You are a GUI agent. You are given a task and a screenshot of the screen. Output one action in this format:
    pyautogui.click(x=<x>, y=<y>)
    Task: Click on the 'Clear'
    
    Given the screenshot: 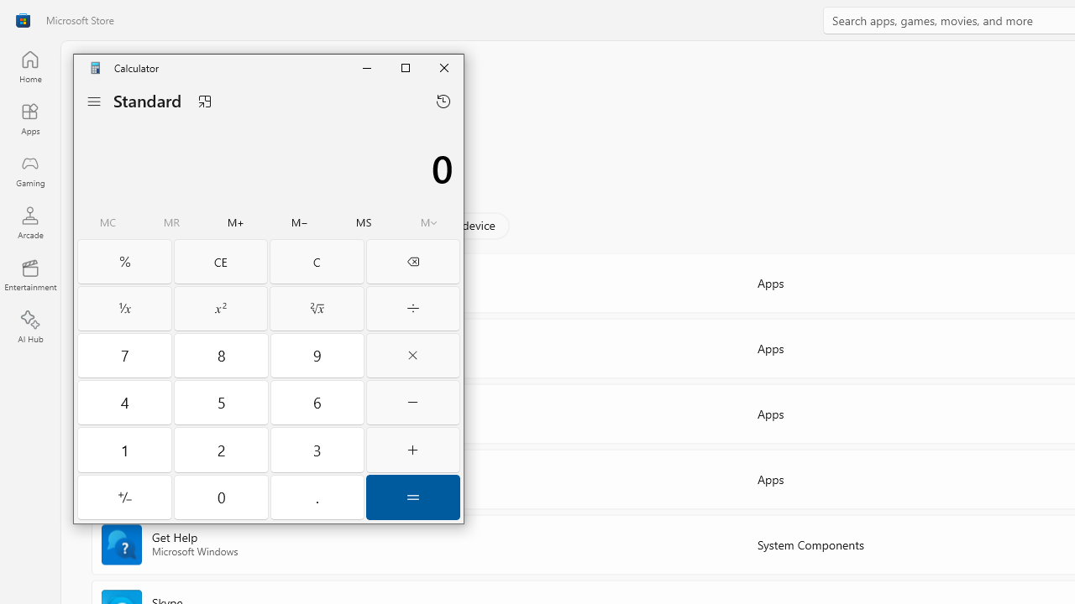 What is the action you would take?
    pyautogui.click(x=317, y=262)
    